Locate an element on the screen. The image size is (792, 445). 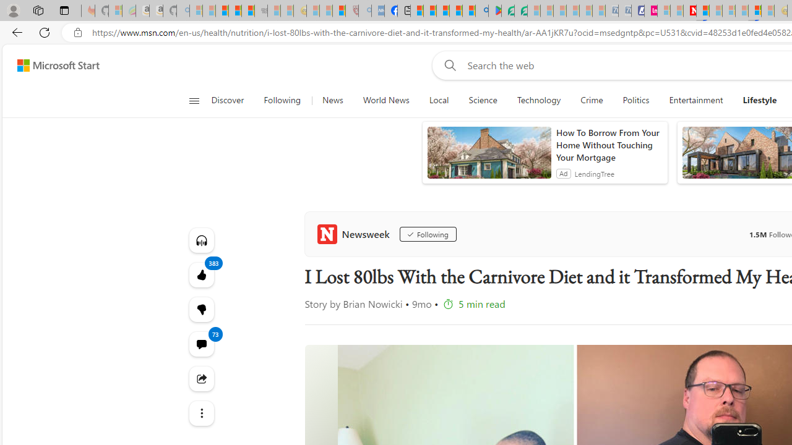
'Share this story' is located at coordinates (201, 378).